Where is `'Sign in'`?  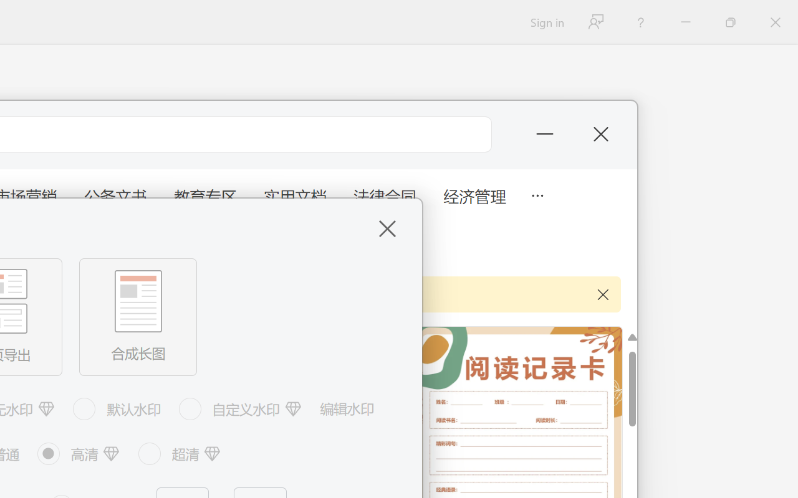 'Sign in' is located at coordinates (546, 21).